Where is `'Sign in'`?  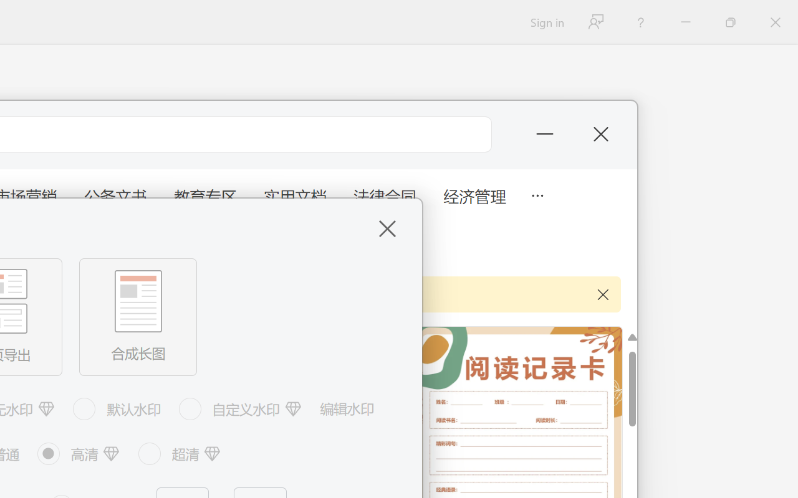 'Sign in' is located at coordinates (546, 21).